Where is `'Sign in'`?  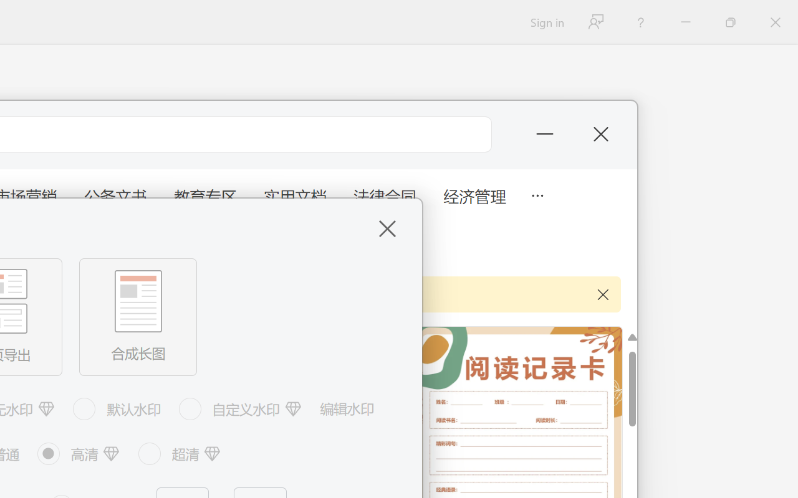 'Sign in' is located at coordinates (546, 21).